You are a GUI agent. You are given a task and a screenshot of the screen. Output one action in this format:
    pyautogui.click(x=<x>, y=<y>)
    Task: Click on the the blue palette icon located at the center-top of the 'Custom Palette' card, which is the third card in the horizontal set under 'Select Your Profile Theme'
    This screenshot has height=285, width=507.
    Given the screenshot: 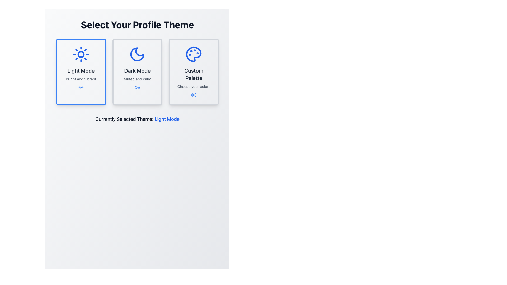 What is the action you would take?
    pyautogui.click(x=194, y=54)
    